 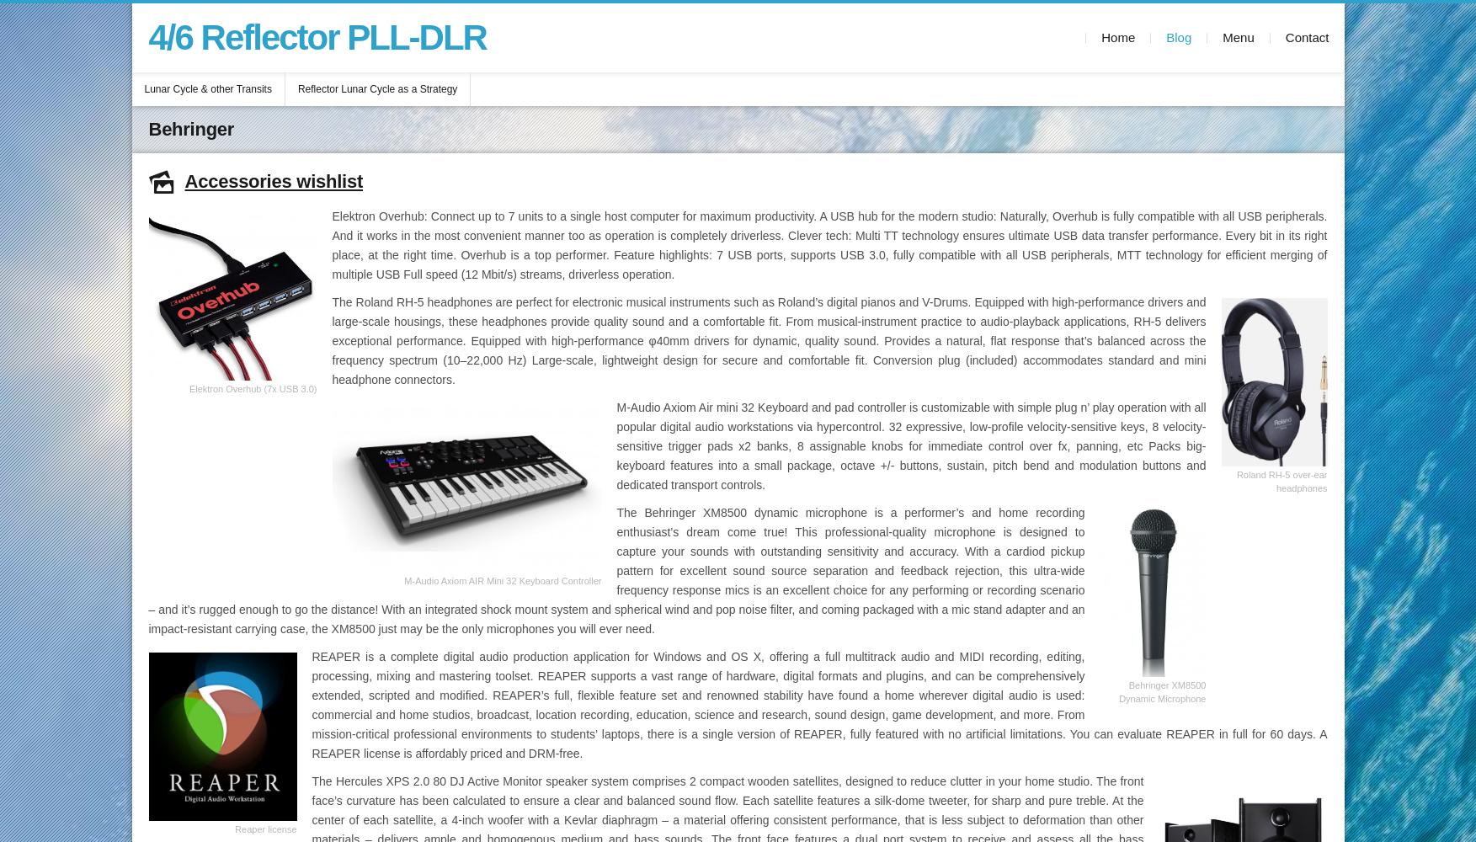 What do you see at coordinates (1238, 37) in the screenshot?
I see `'Menu'` at bounding box center [1238, 37].